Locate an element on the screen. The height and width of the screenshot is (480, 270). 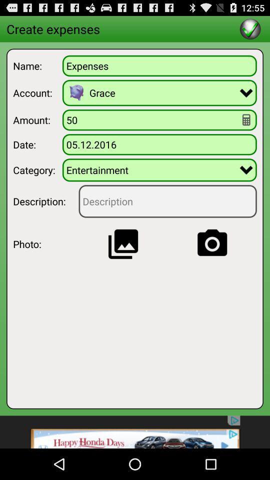
create is located at coordinates (249, 28).